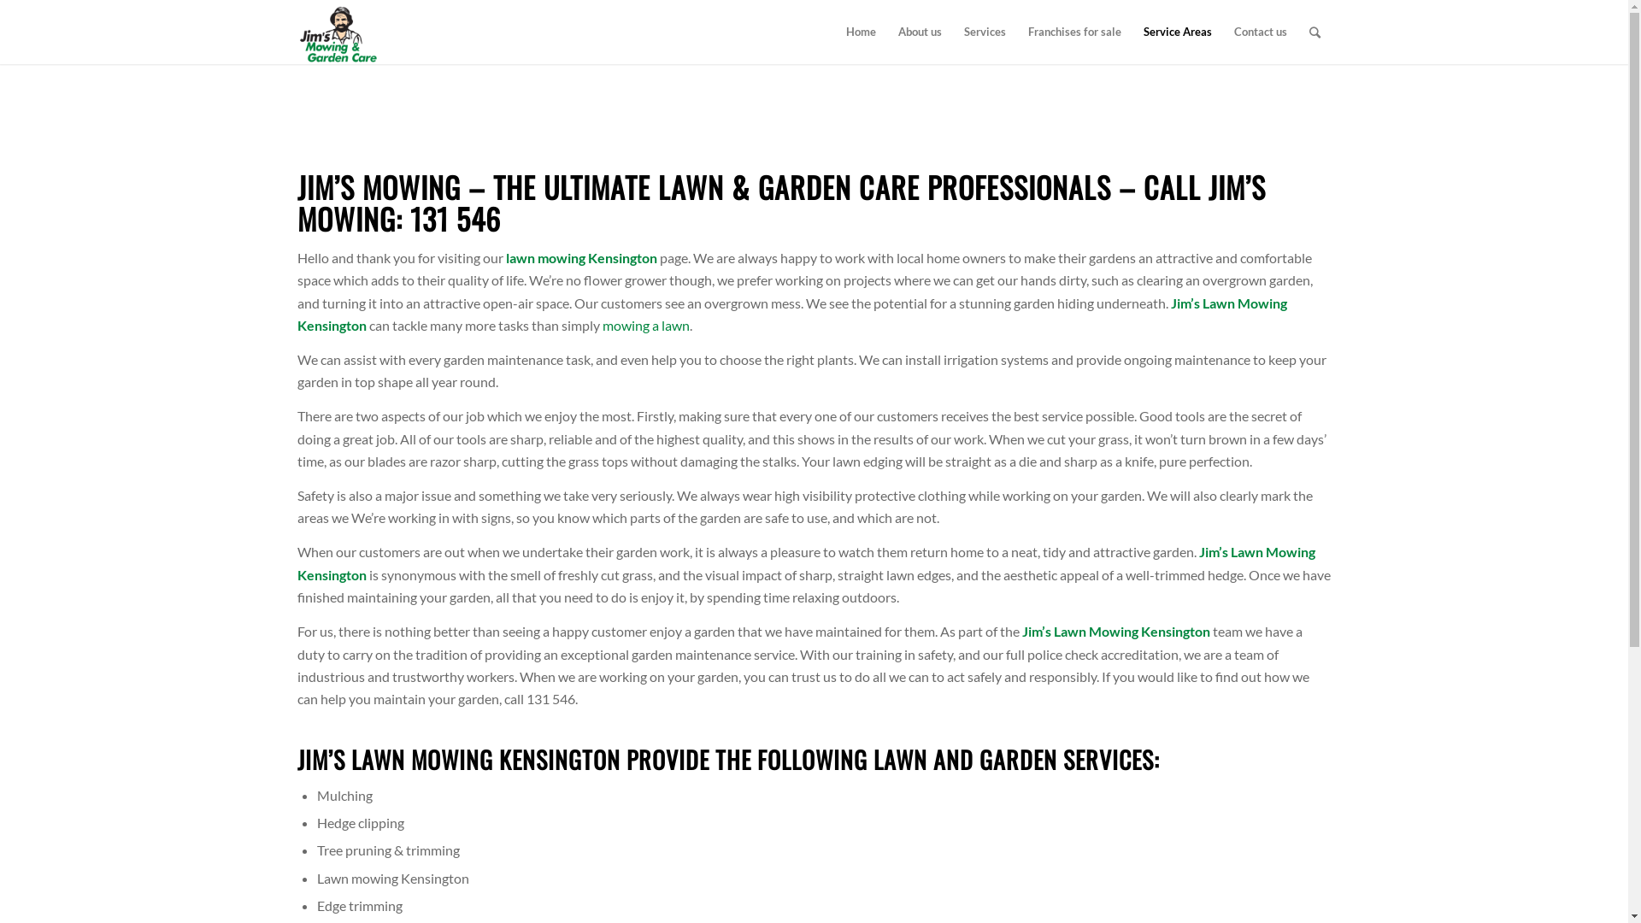 This screenshot has height=923, width=1641. What do you see at coordinates (860, 32) in the screenshot?
I see `'Home'` at bounding box center [860, 32].